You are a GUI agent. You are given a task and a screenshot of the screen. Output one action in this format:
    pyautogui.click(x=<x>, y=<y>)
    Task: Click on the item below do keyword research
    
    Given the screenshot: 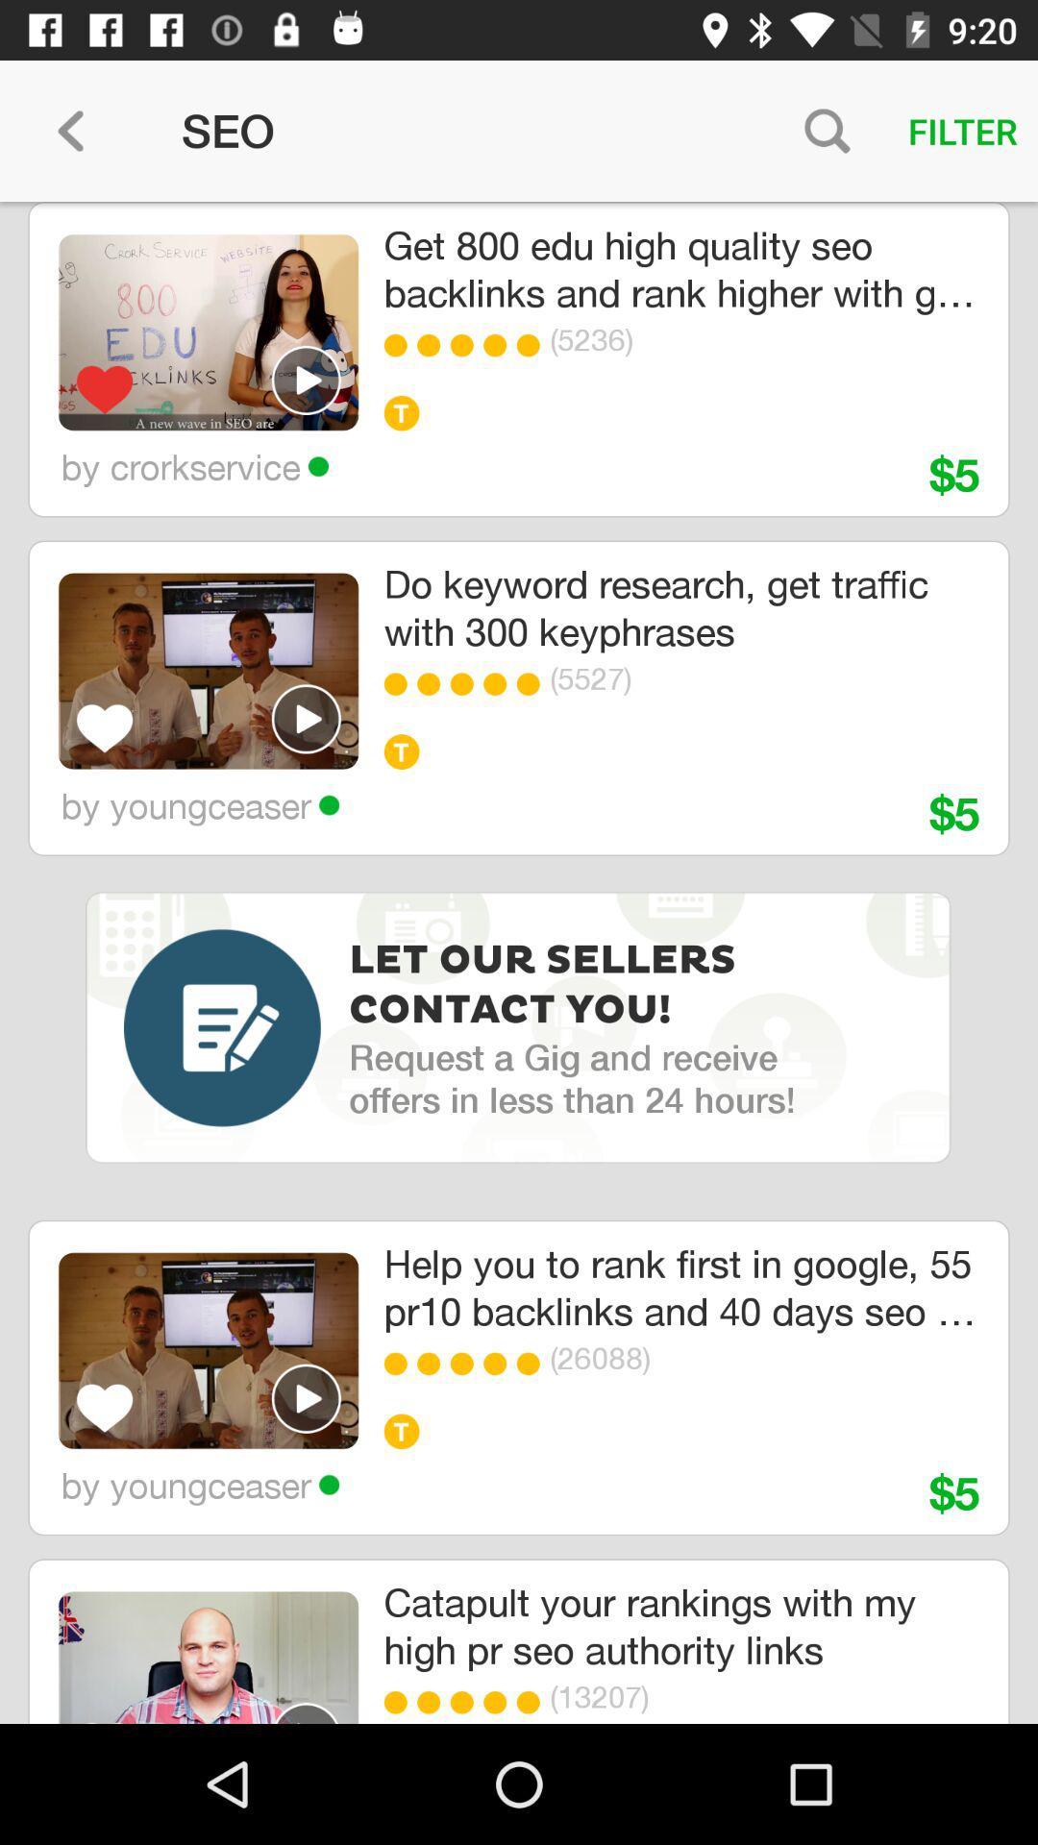 What is the action you would take?
    pyautogui.click(x=467, y=684)
    